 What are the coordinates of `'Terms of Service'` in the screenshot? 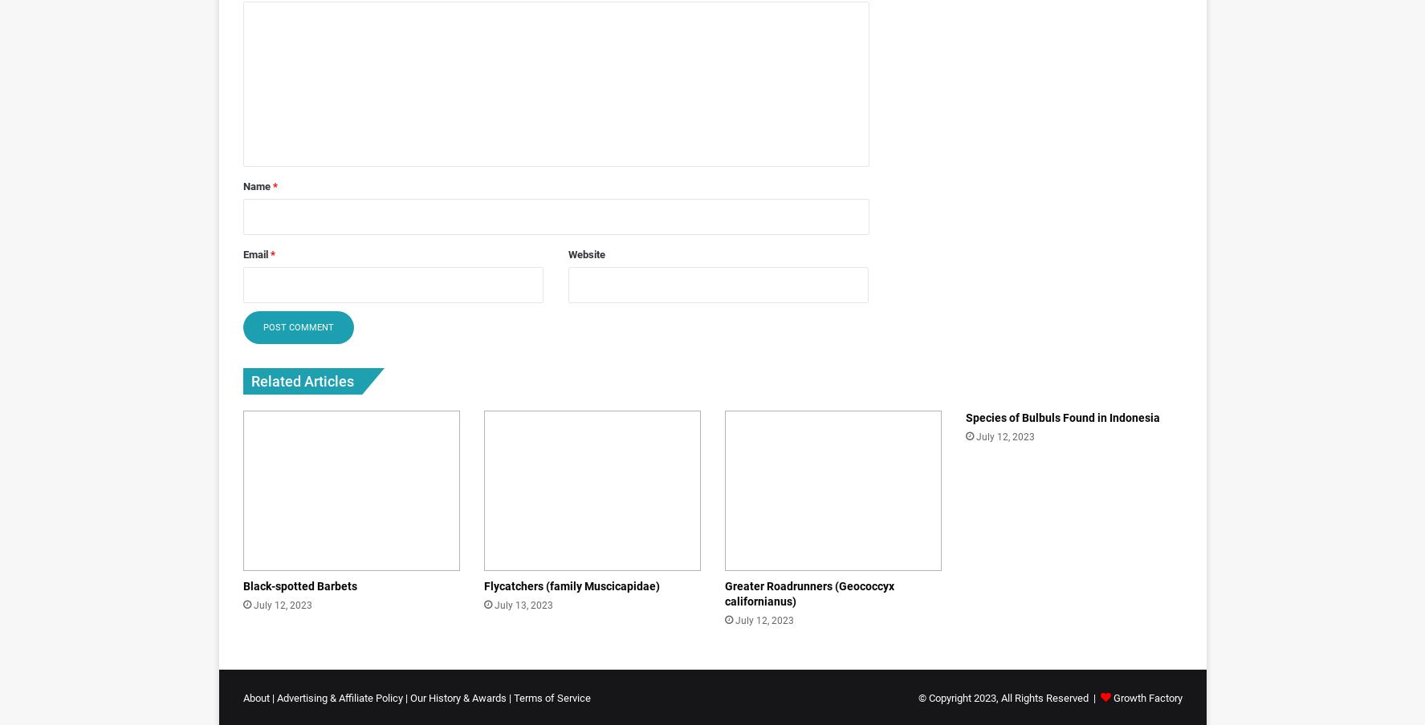 It's located at (550, 698).